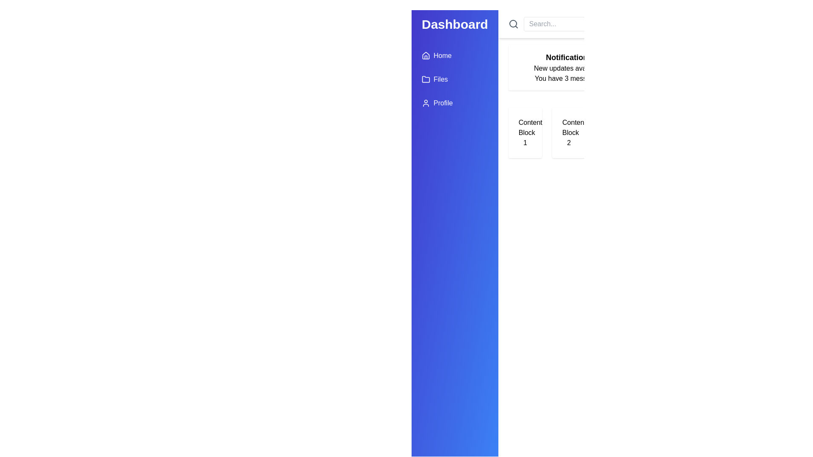 The width and height of the screenshot is (813, 457). What do you see at coordinates (569, 73) in the screenshot?
I see `the static text display element that shows 'New updates available.' and 'You have 3 messages.' located below the 'Notifications' heading` at bounding box center [569, 73].